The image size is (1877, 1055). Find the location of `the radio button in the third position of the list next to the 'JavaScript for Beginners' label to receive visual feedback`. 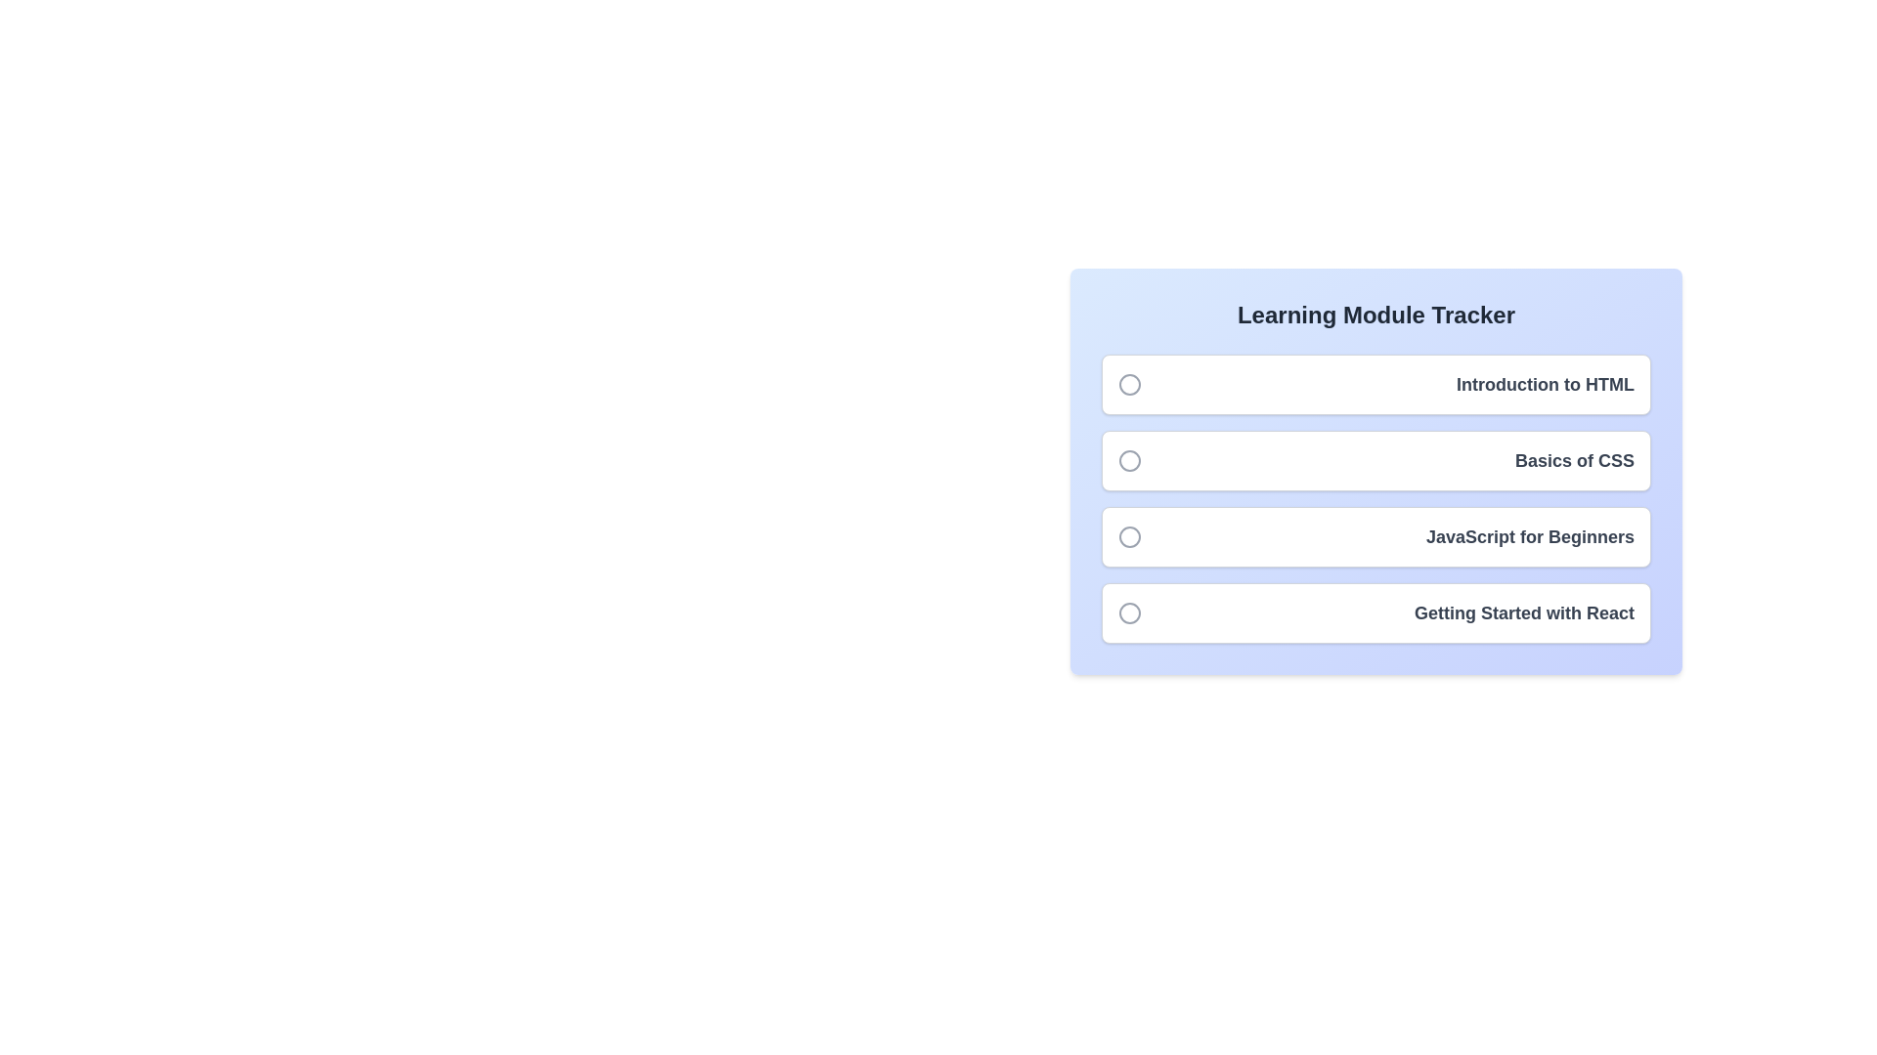

the radio button in the third position of the list next to the 'JavaScript for Beginners' label to receive visual feedback is located at coordinates (1130, 537).